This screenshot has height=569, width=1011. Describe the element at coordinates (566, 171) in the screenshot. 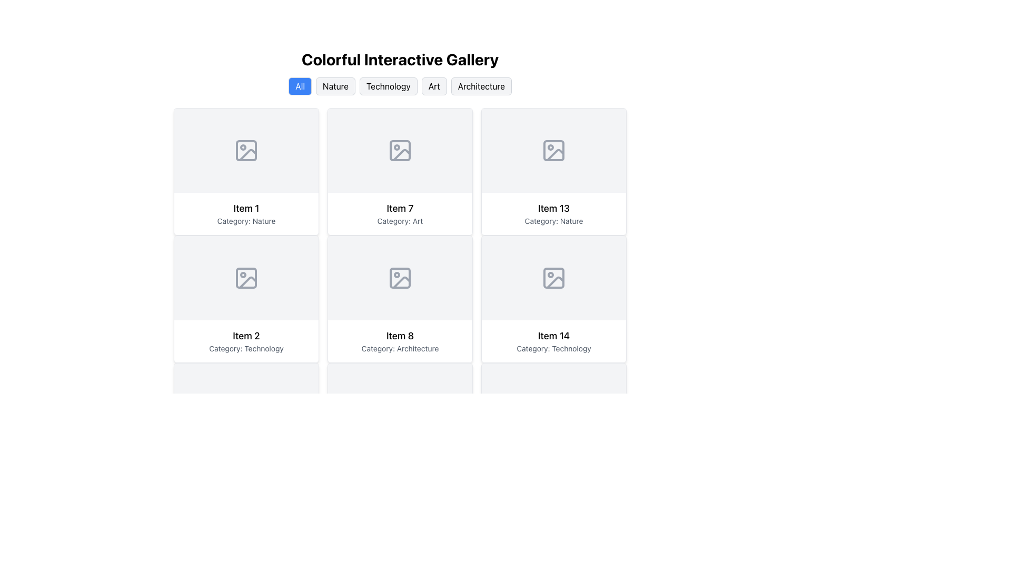

I see `the 'like' button in the top-right corner of the 'Item 13' card within the 'Colorful Interactive Gallery'` at that location.